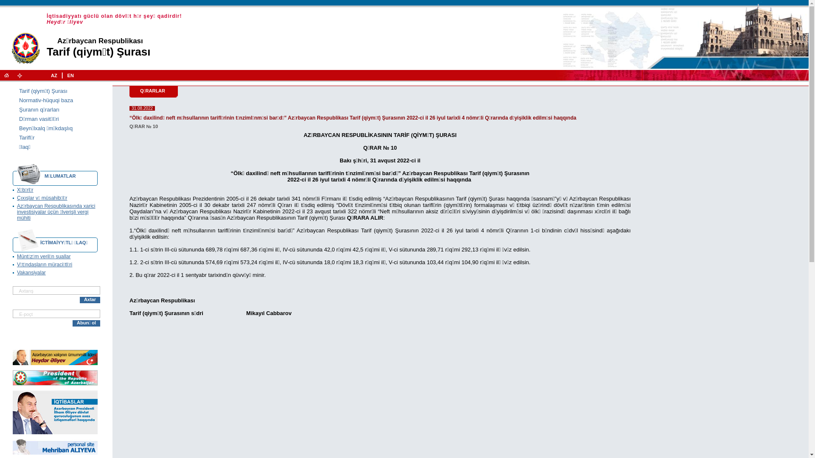  Describe the element at coordinates (70, 75) in the screenshot. I see `'EN'` at that location.